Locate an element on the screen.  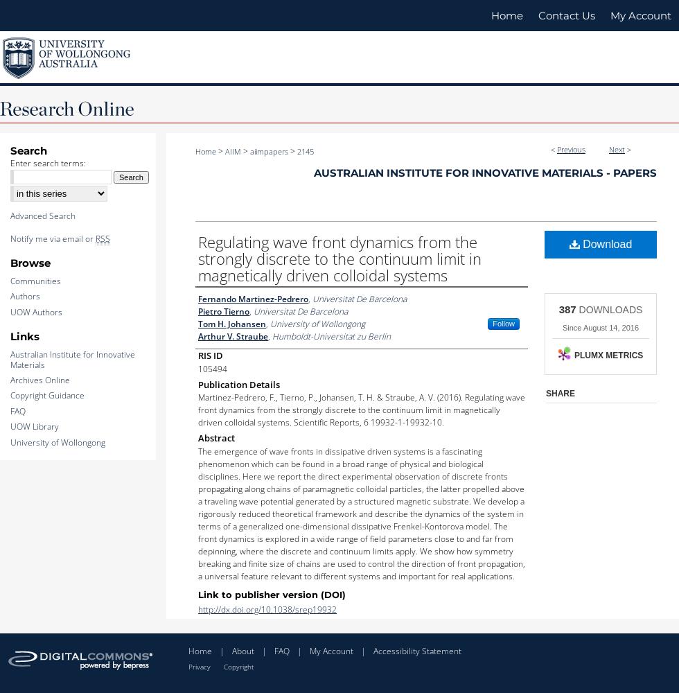
'Advanced Search' is located at coordinates (42, 216).